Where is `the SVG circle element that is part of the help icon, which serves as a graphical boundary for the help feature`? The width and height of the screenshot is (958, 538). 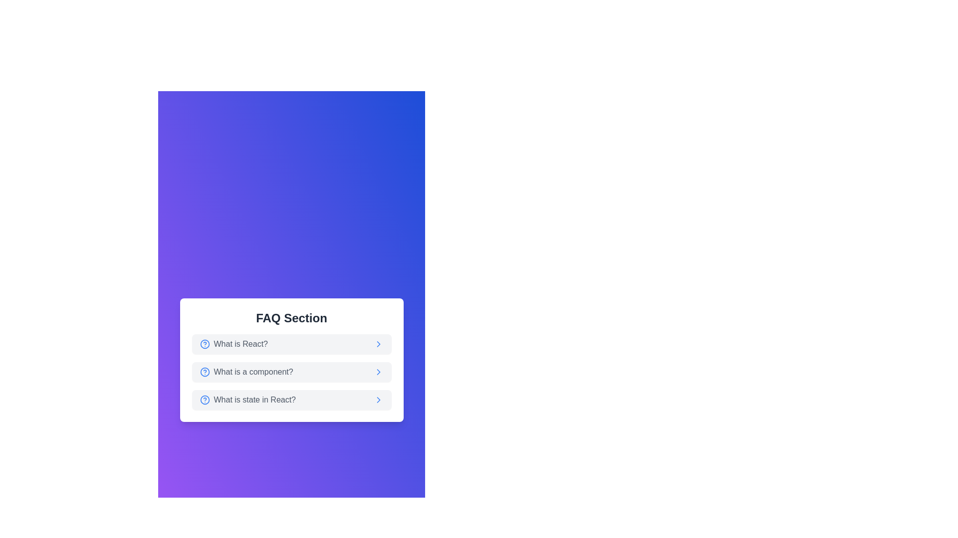 the SVG circle element that is part of the help icon, which serves as a graphical boundary for the help feature is located at coordinates (204, 343).